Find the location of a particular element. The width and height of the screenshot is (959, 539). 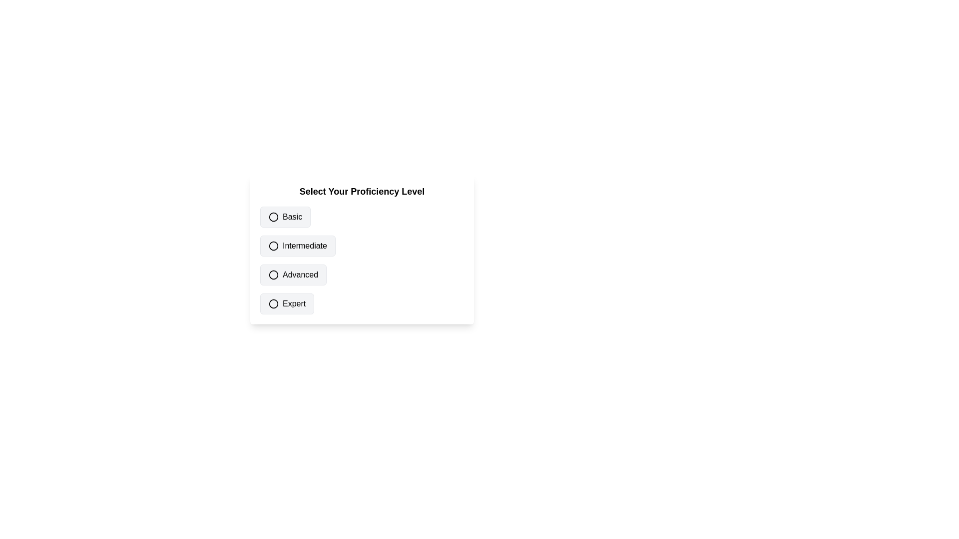

the 'Intermediate' radio button is located at coordinates (273, 246).